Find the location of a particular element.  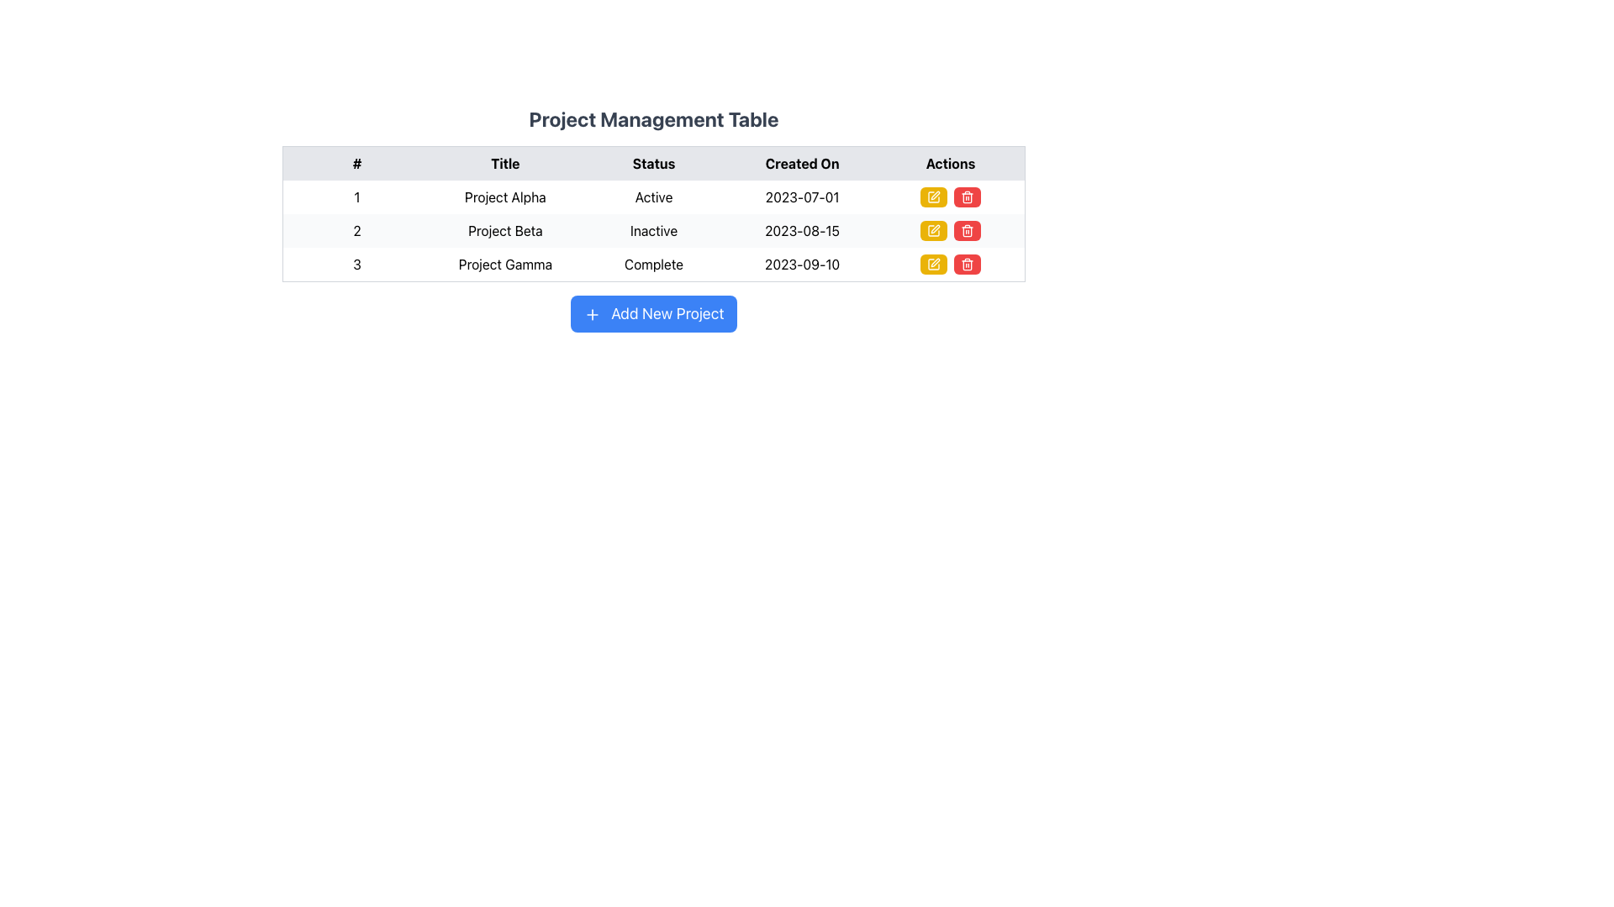

the red trash can icon in the Actions column for Project Alpha is located at coordinates (967, 197).